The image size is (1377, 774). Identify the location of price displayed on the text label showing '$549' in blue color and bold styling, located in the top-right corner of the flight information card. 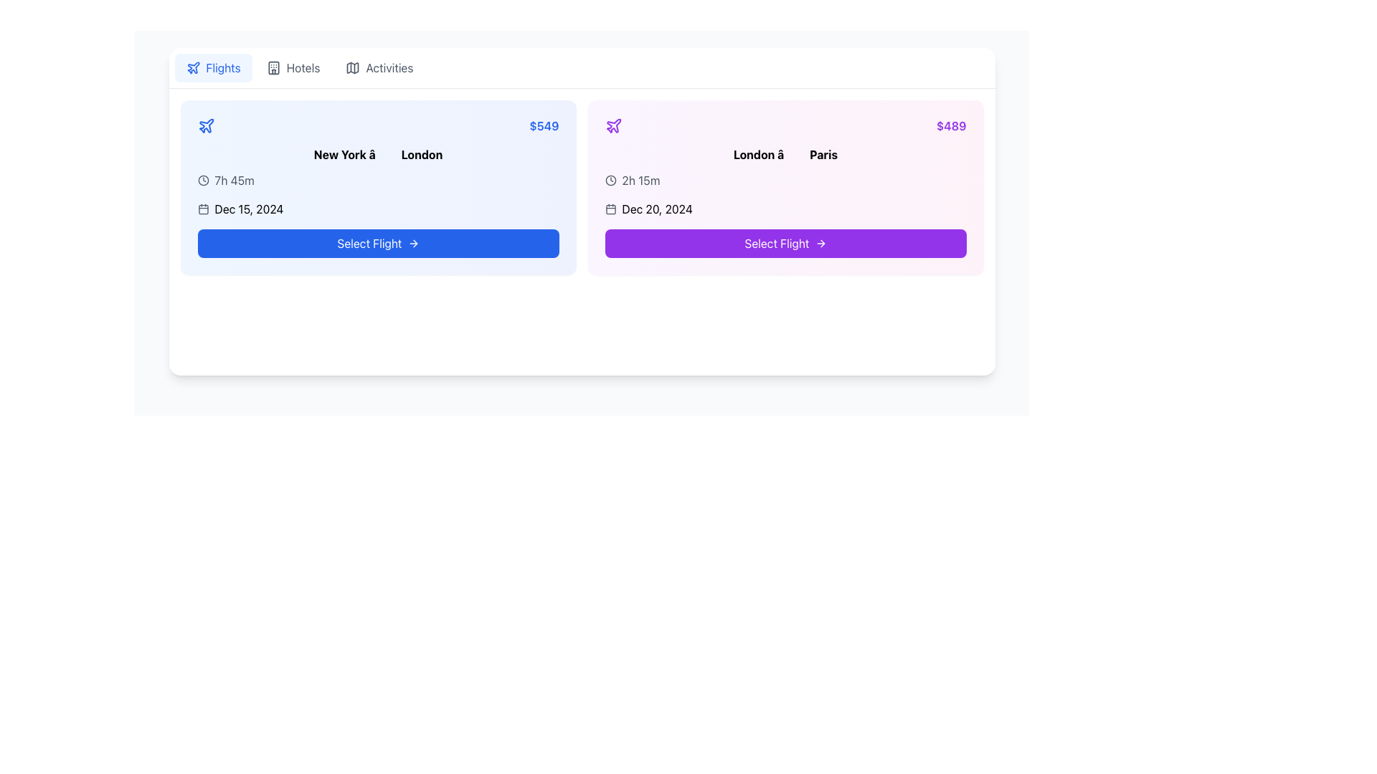
(543, 125).